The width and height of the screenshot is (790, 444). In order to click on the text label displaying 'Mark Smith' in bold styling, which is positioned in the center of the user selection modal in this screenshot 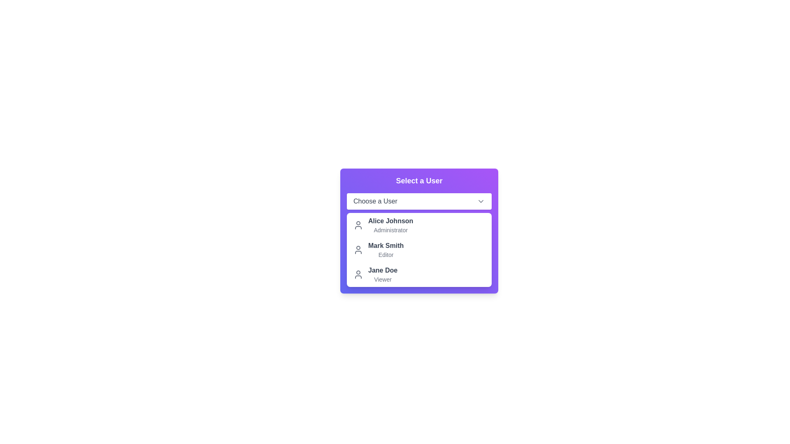, I will do `click(386, 245)`.